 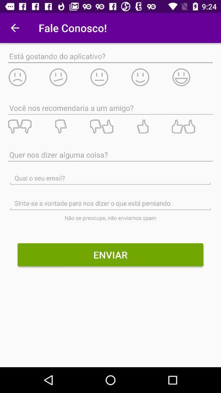 What do you see at coordinates (69, 126) in the screenshot?
I see `dislike/rating system` at bounding box center [69, 126].